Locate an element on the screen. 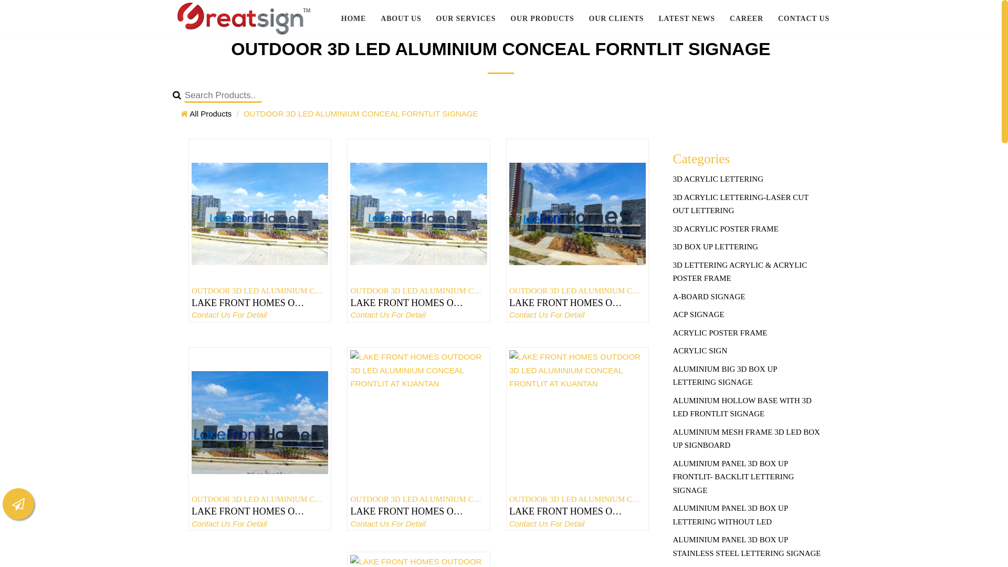 The height and width of the screenshot is (567, 1008). 'CAREER' is located at coordinates (745, 18).